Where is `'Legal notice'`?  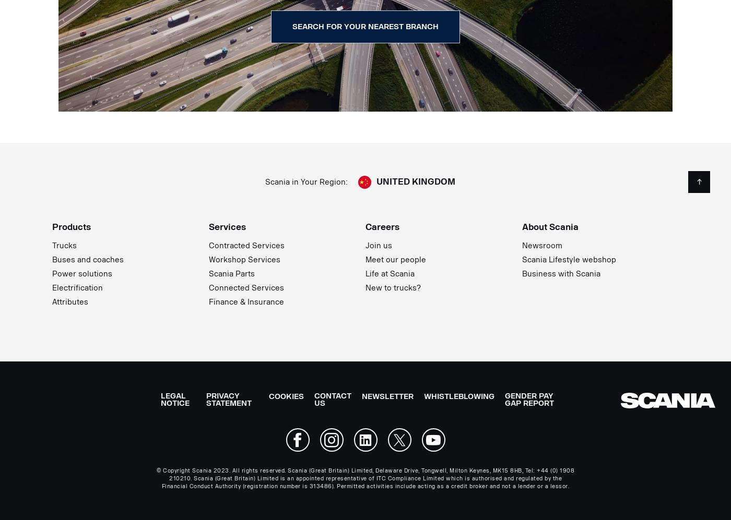
'Legal notice' is located at coordinates (175, 400).